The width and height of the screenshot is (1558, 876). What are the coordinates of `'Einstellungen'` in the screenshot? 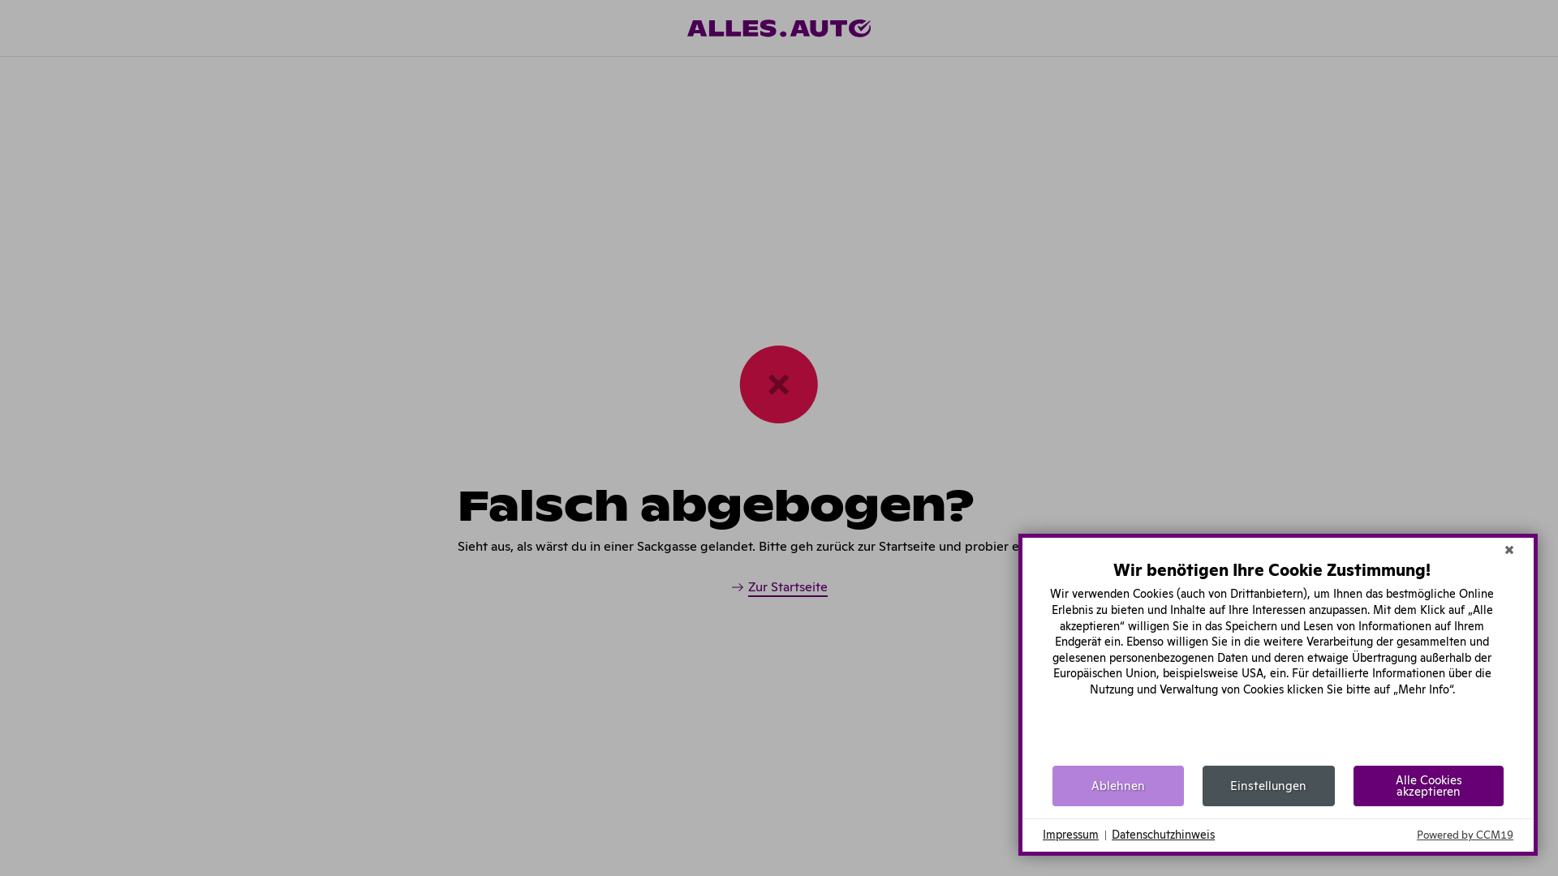 It's located at (1267, 784).